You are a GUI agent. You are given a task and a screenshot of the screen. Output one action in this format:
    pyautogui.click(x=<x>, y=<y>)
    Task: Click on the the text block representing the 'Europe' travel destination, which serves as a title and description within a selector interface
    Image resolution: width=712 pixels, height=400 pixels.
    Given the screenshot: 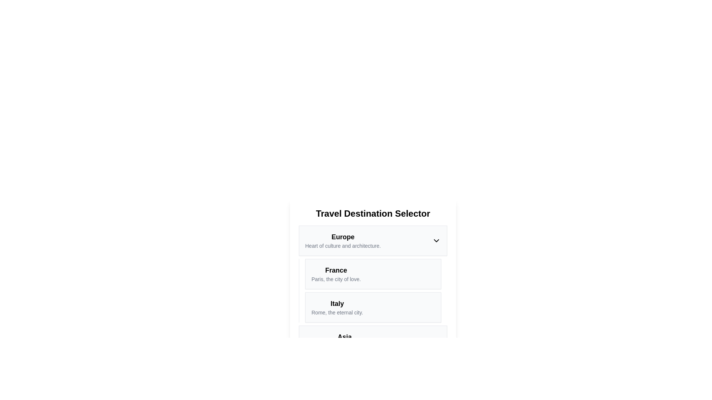 What is the action you would take?
    pyautogui.click(x=342, y=241)
    